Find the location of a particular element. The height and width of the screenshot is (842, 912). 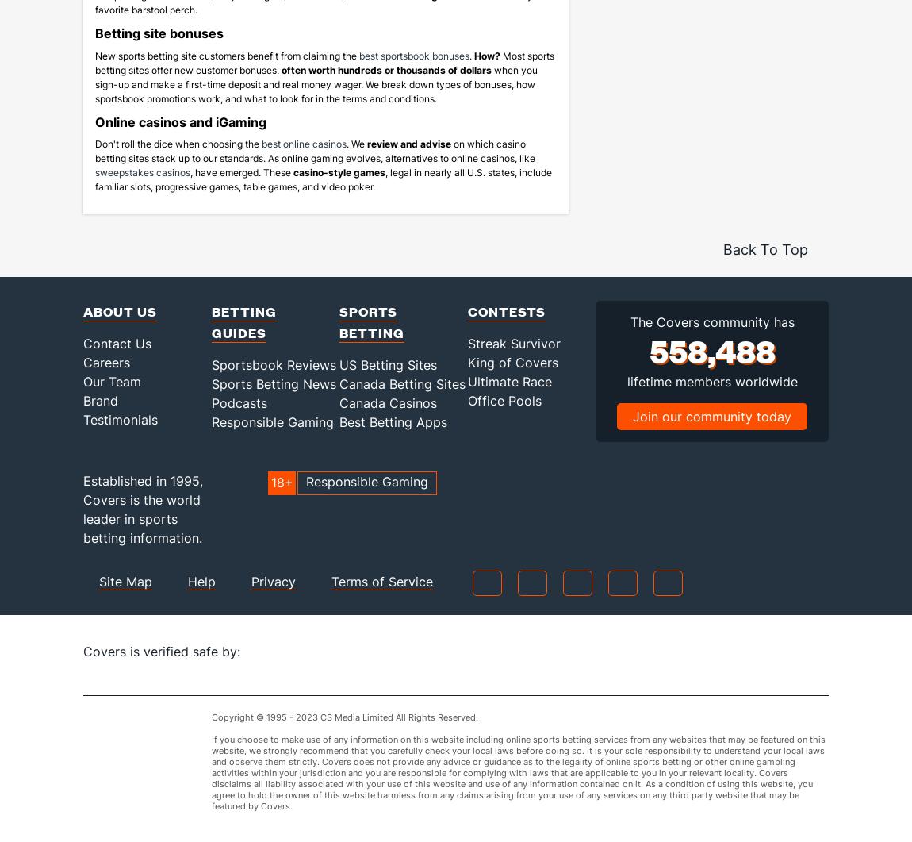

'when you sign-up and make a first-time deposit and real money wager. We break down types of bonuses, how sportsbook promotions work, and what to look for in the terms and conditions.' is located at coordinates (316, 83).